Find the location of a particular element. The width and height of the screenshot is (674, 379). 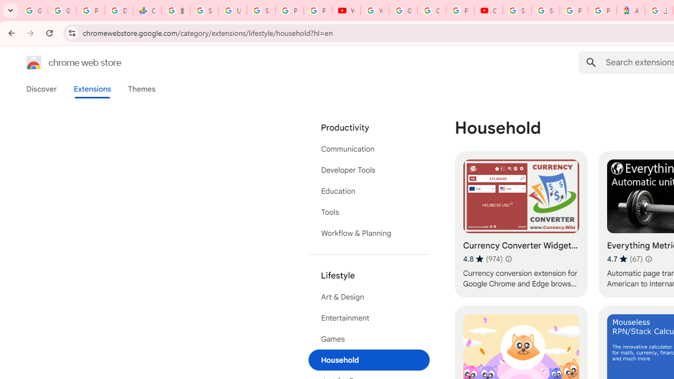

'Currency Converter Widget - Exchange Rates' is located at coordinates (521, 224).